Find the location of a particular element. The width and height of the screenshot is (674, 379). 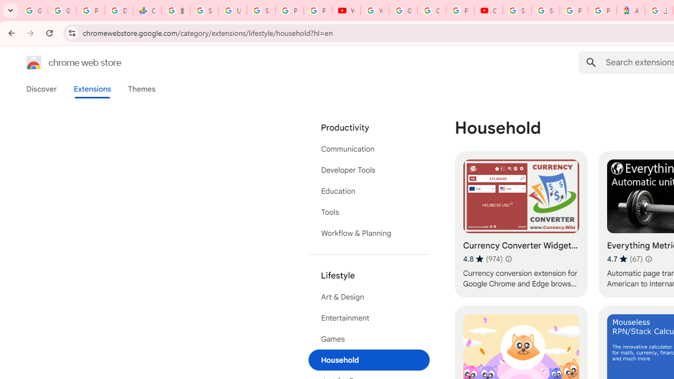

'Currency Converter Widget - Exchange Rates' is located at coordinates (521, 224).